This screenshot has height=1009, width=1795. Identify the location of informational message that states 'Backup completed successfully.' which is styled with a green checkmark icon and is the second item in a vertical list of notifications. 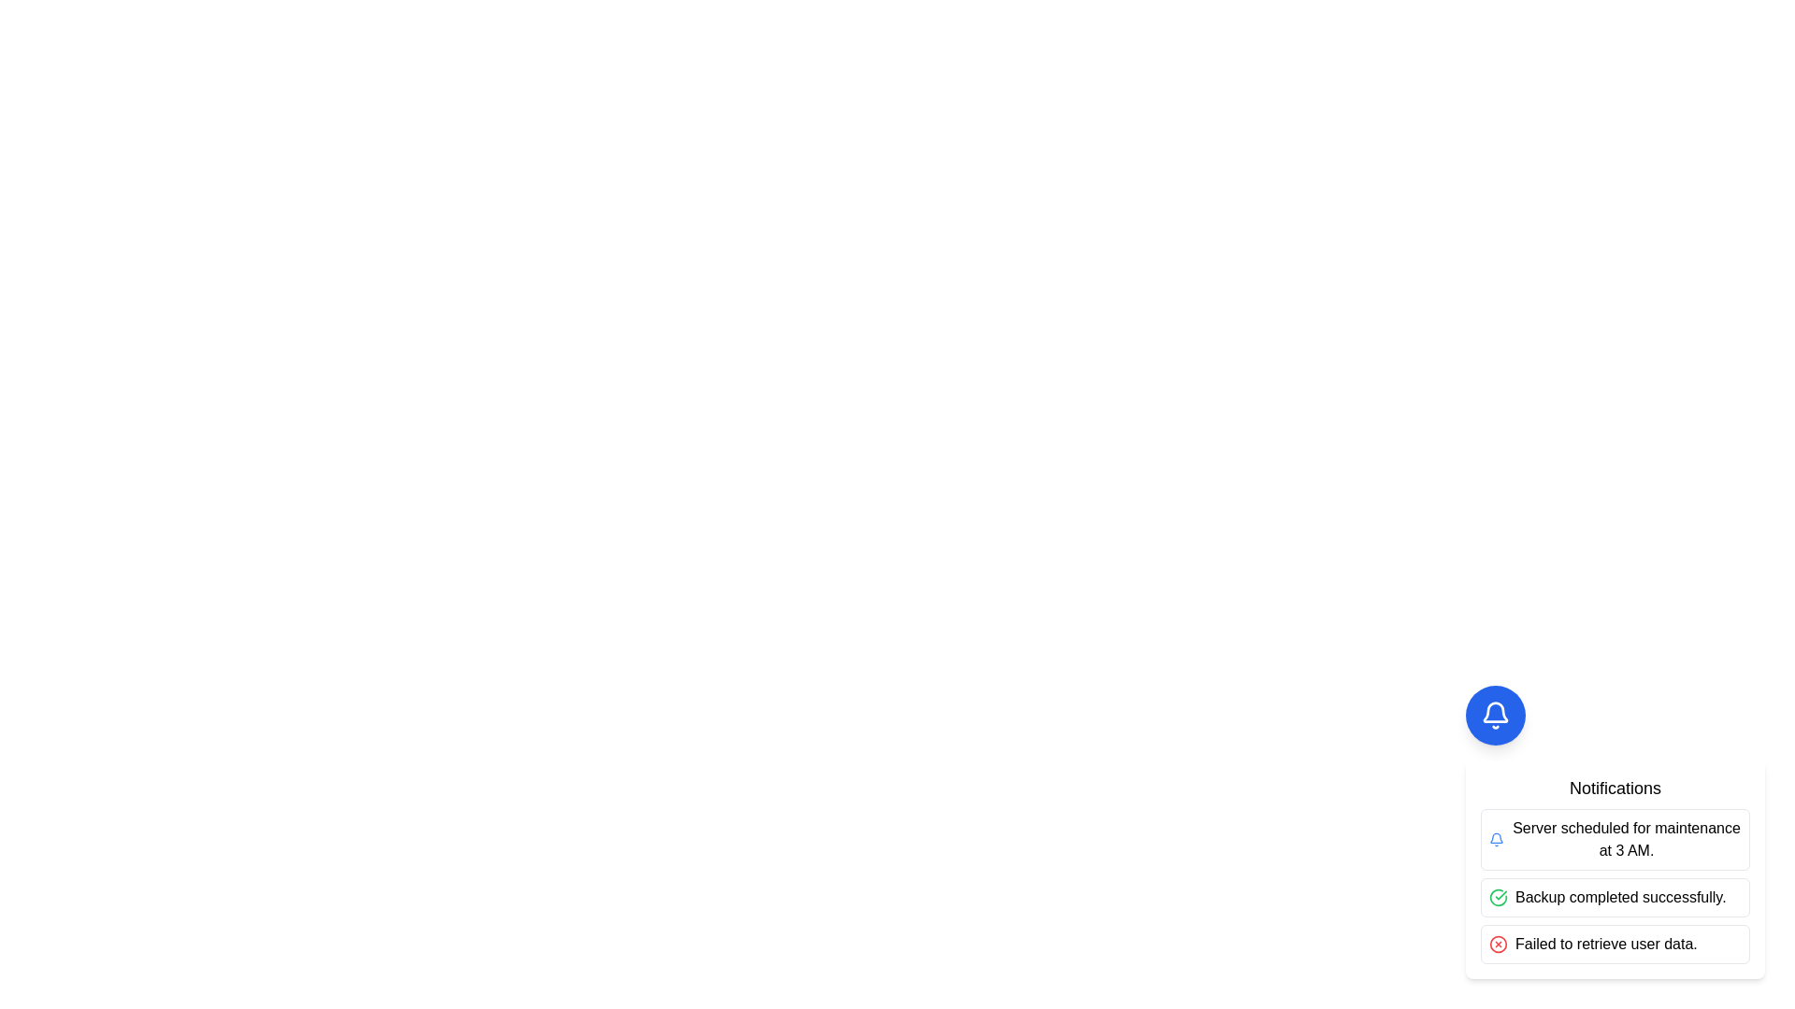
(1615, 896).